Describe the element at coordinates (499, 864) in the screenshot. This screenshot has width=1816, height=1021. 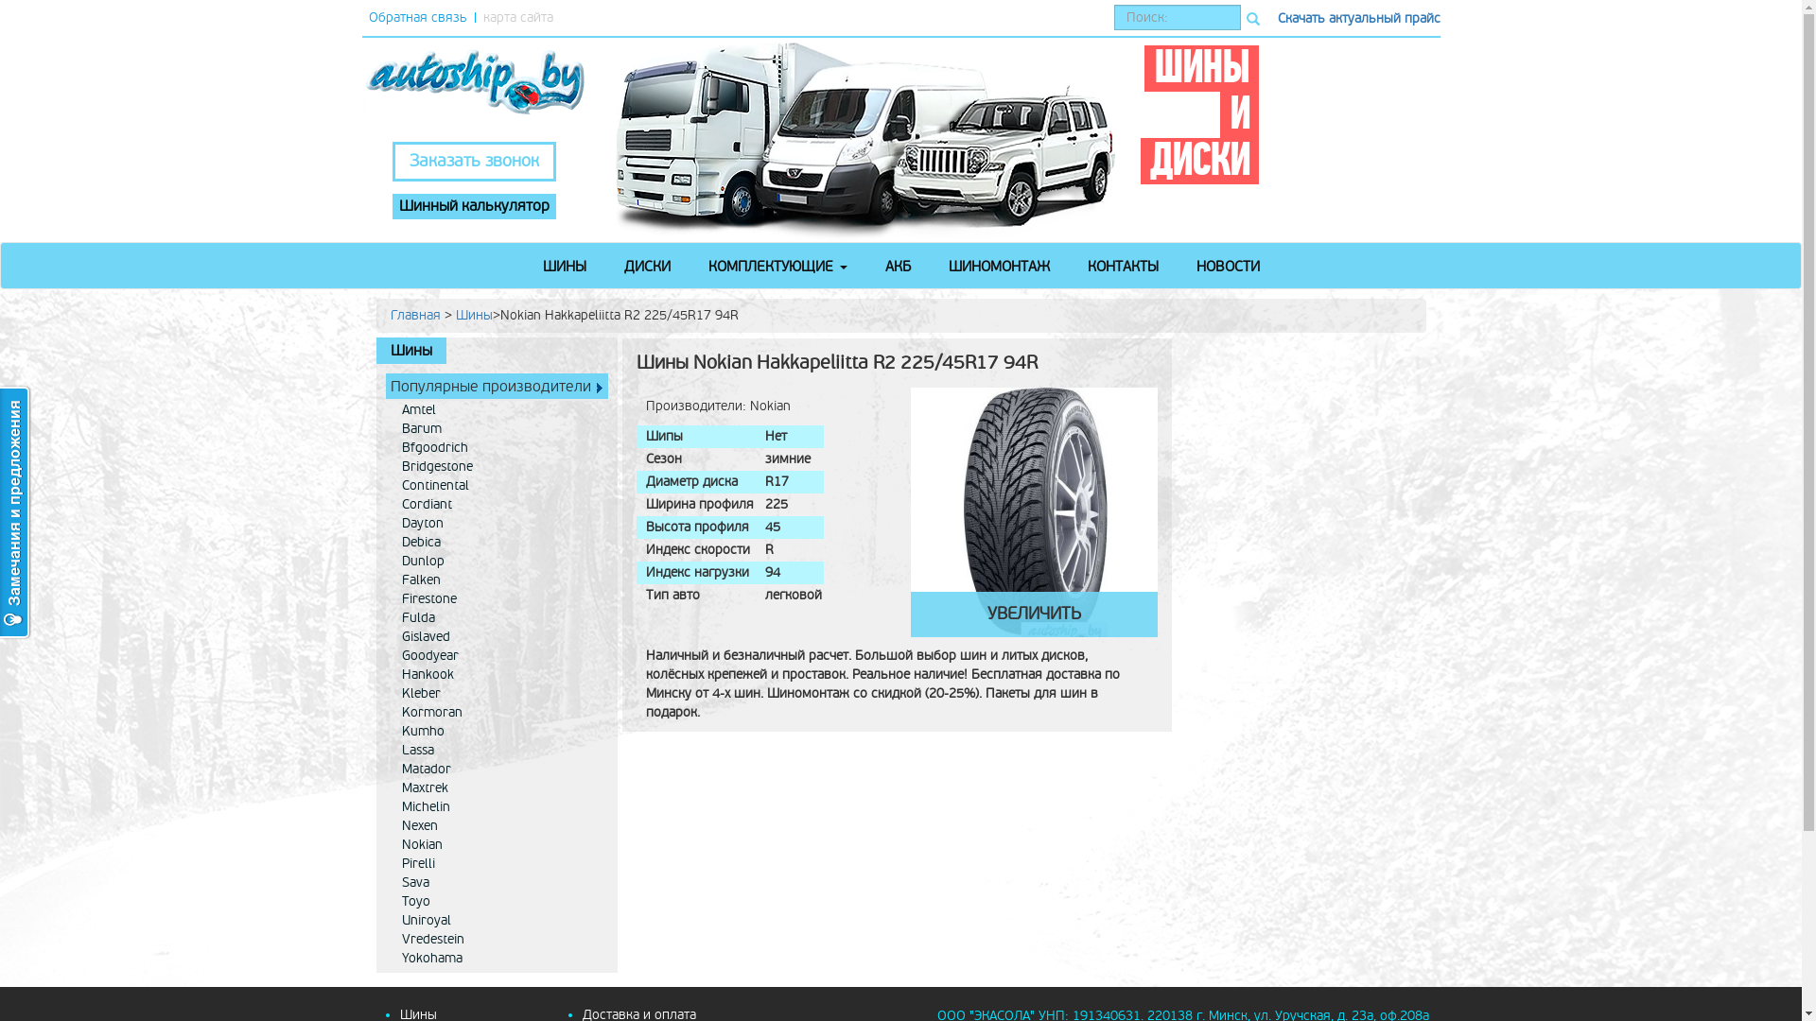
I see `'Pirelli'` at that location.